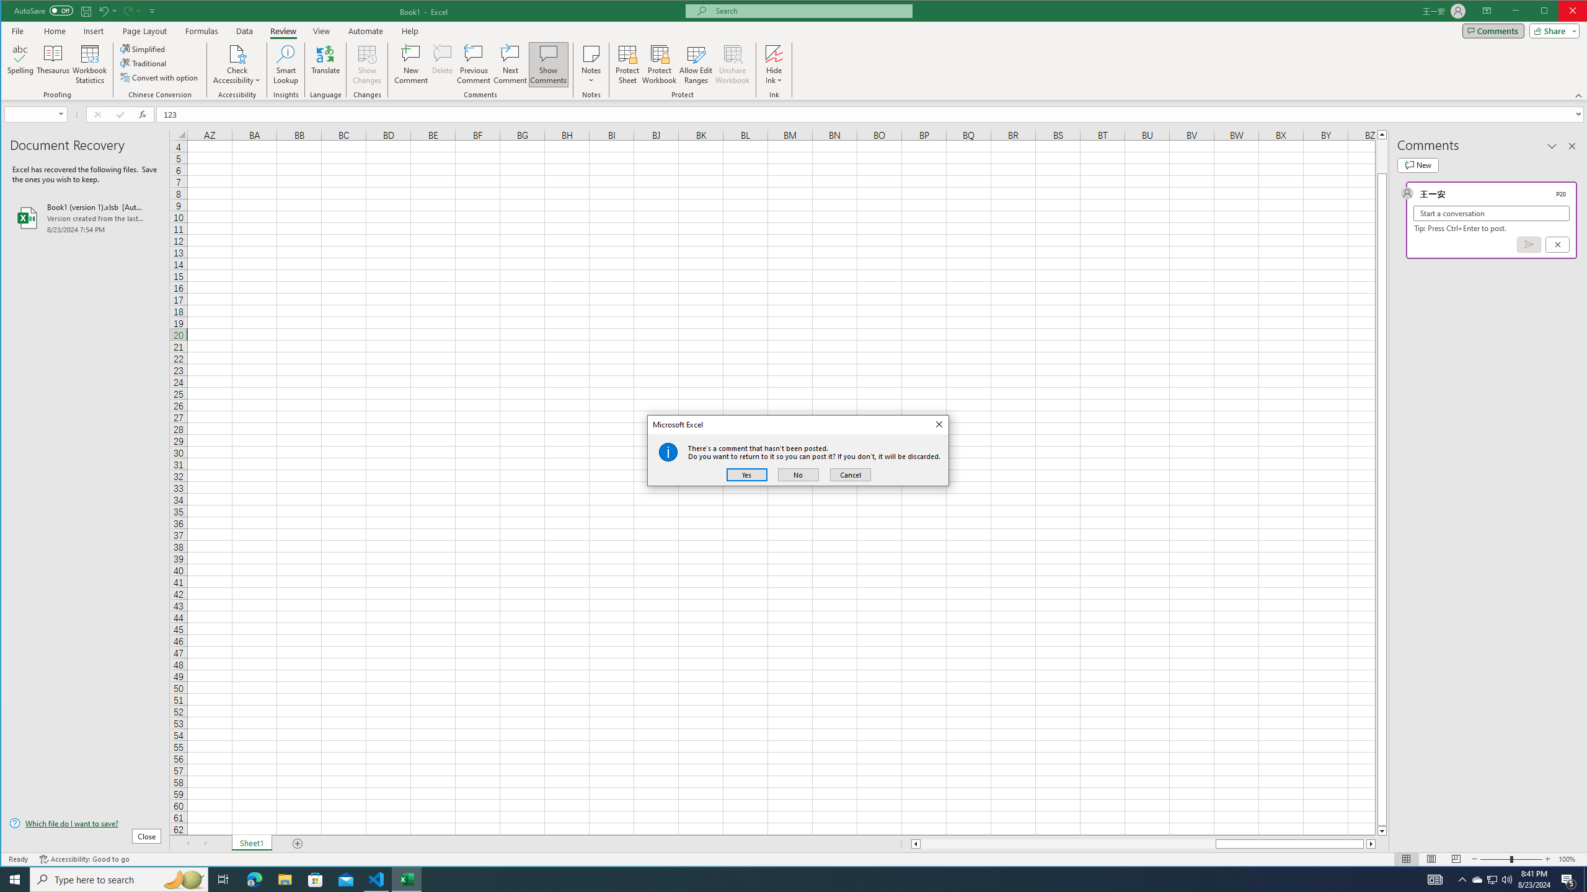 Image resolution: width=1587 pixels, height=892 pixels. I want to click on 'Type here to search', so click(118, 878).